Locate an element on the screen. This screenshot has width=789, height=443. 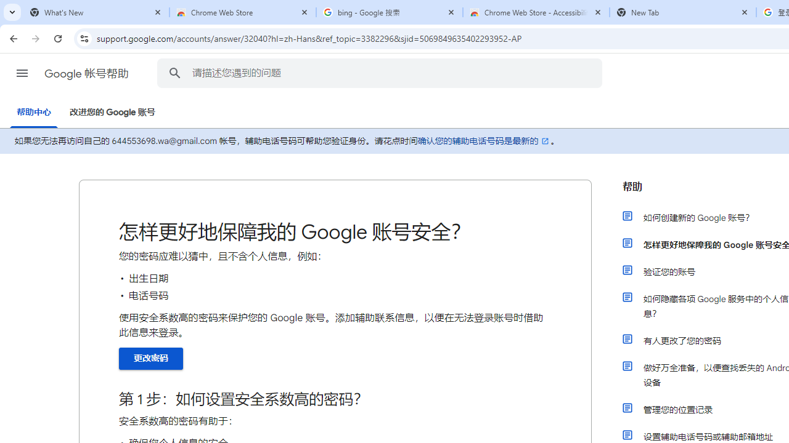
'Chrome Web Store - Accessibility' is located at coordinates (536, 12).